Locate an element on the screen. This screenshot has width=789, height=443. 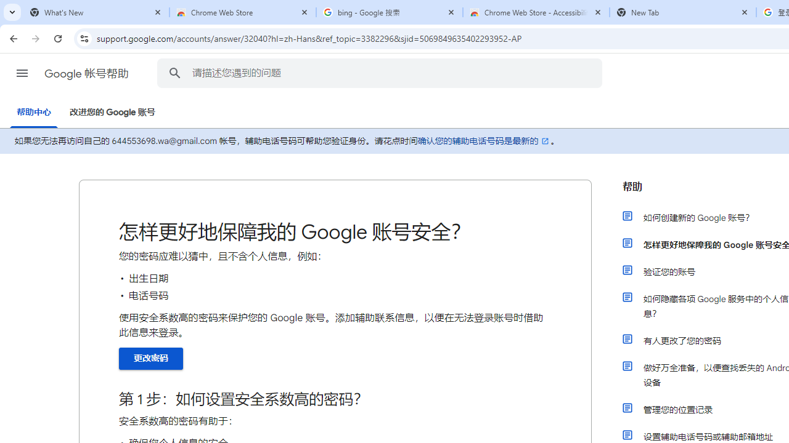
'Chrome Web Store - Accessibility' is located at coordinates (536, 12).